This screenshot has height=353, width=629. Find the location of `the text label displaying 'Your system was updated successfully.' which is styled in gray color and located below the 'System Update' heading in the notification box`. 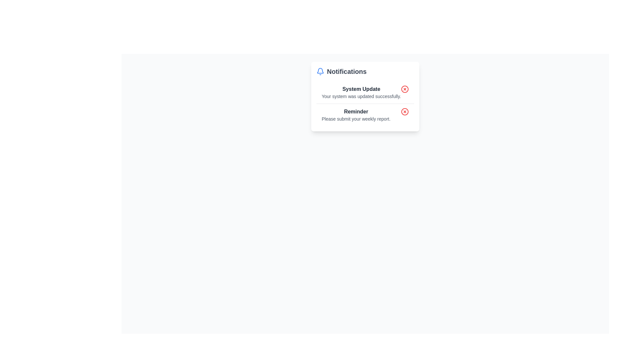

the text label displaying 'Your system was updated successfully.' which is styled in gray color and located below the 'System Update' heading in the notification box is located at coordinates (361, 96).